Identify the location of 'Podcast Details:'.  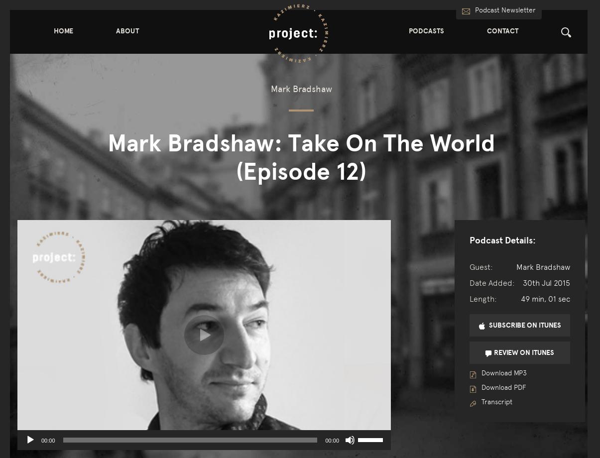
(502, 239).